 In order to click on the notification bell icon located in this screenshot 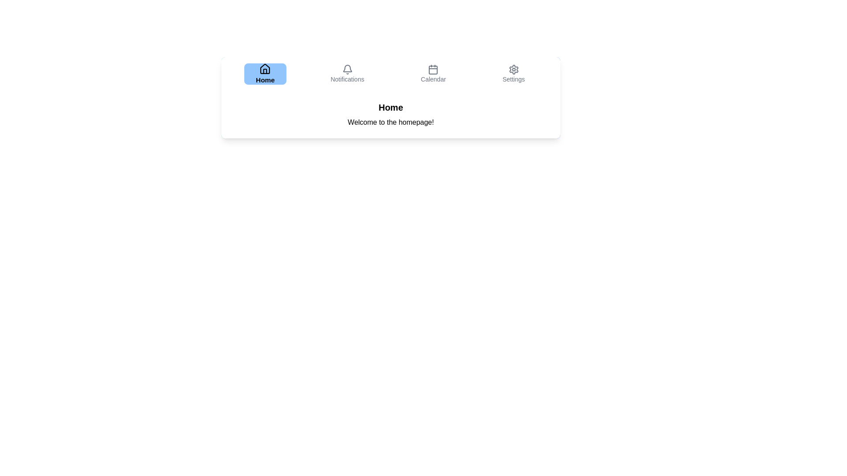, I will do `click(347, 68)`.